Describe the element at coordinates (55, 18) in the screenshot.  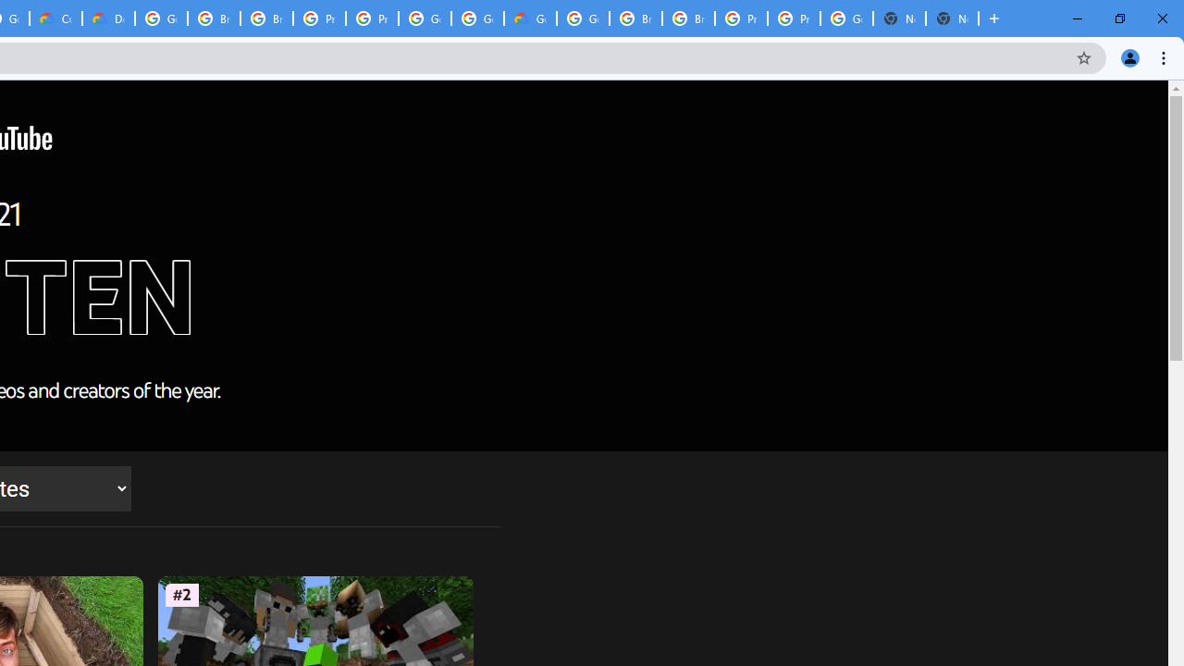
I see `'Customer Care | Google Cloud'` at that location.